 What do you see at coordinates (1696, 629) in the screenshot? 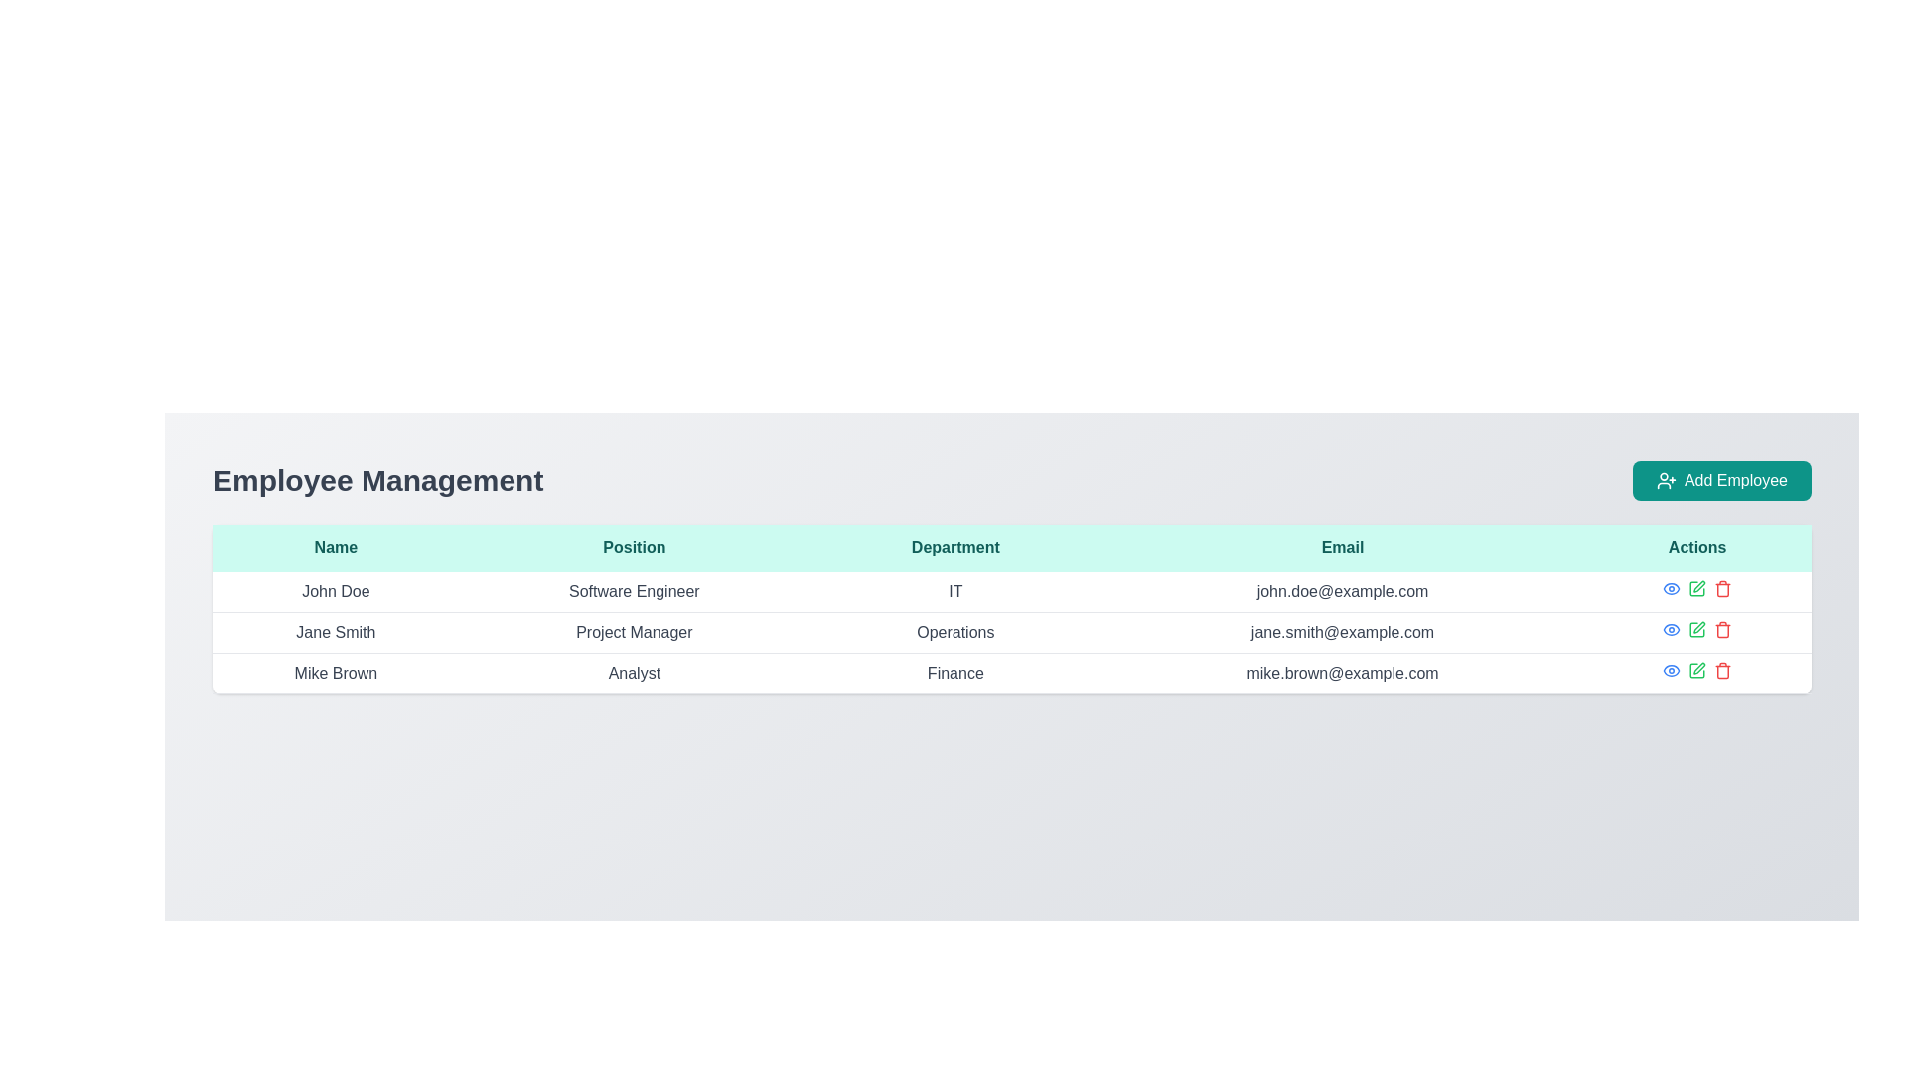
I see `the interactive action buttons group for 'Jane Smith'` at bounding box center [1696, 629].